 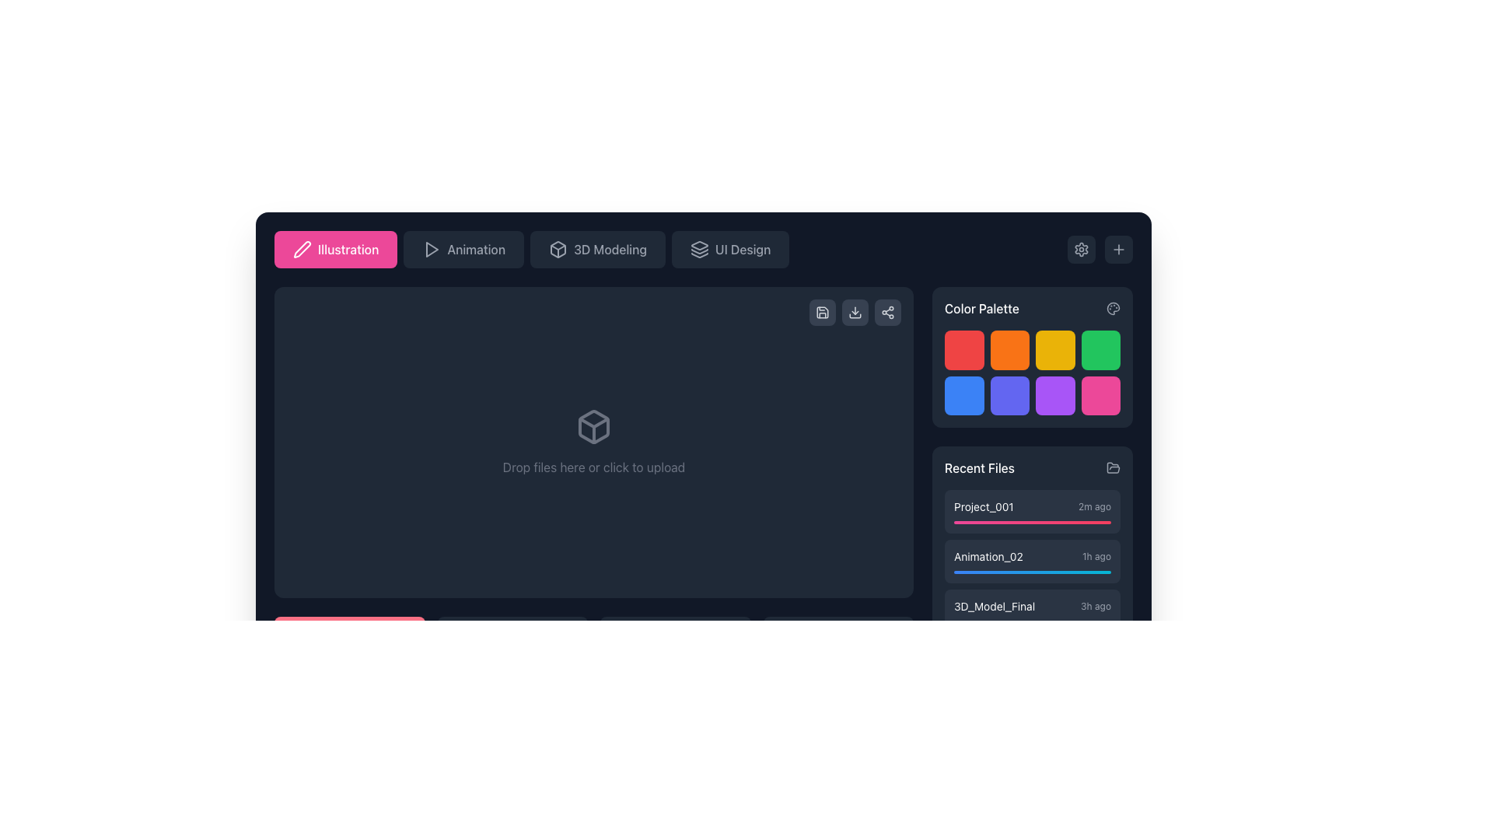 What do you see at coordinates (1033, 611) in the screenshot?
I see `the '3D_Model_Final' file list item located in the 'Recent Files' section at the bottom-right corner of the interface` at bounding box center [1033, 611].